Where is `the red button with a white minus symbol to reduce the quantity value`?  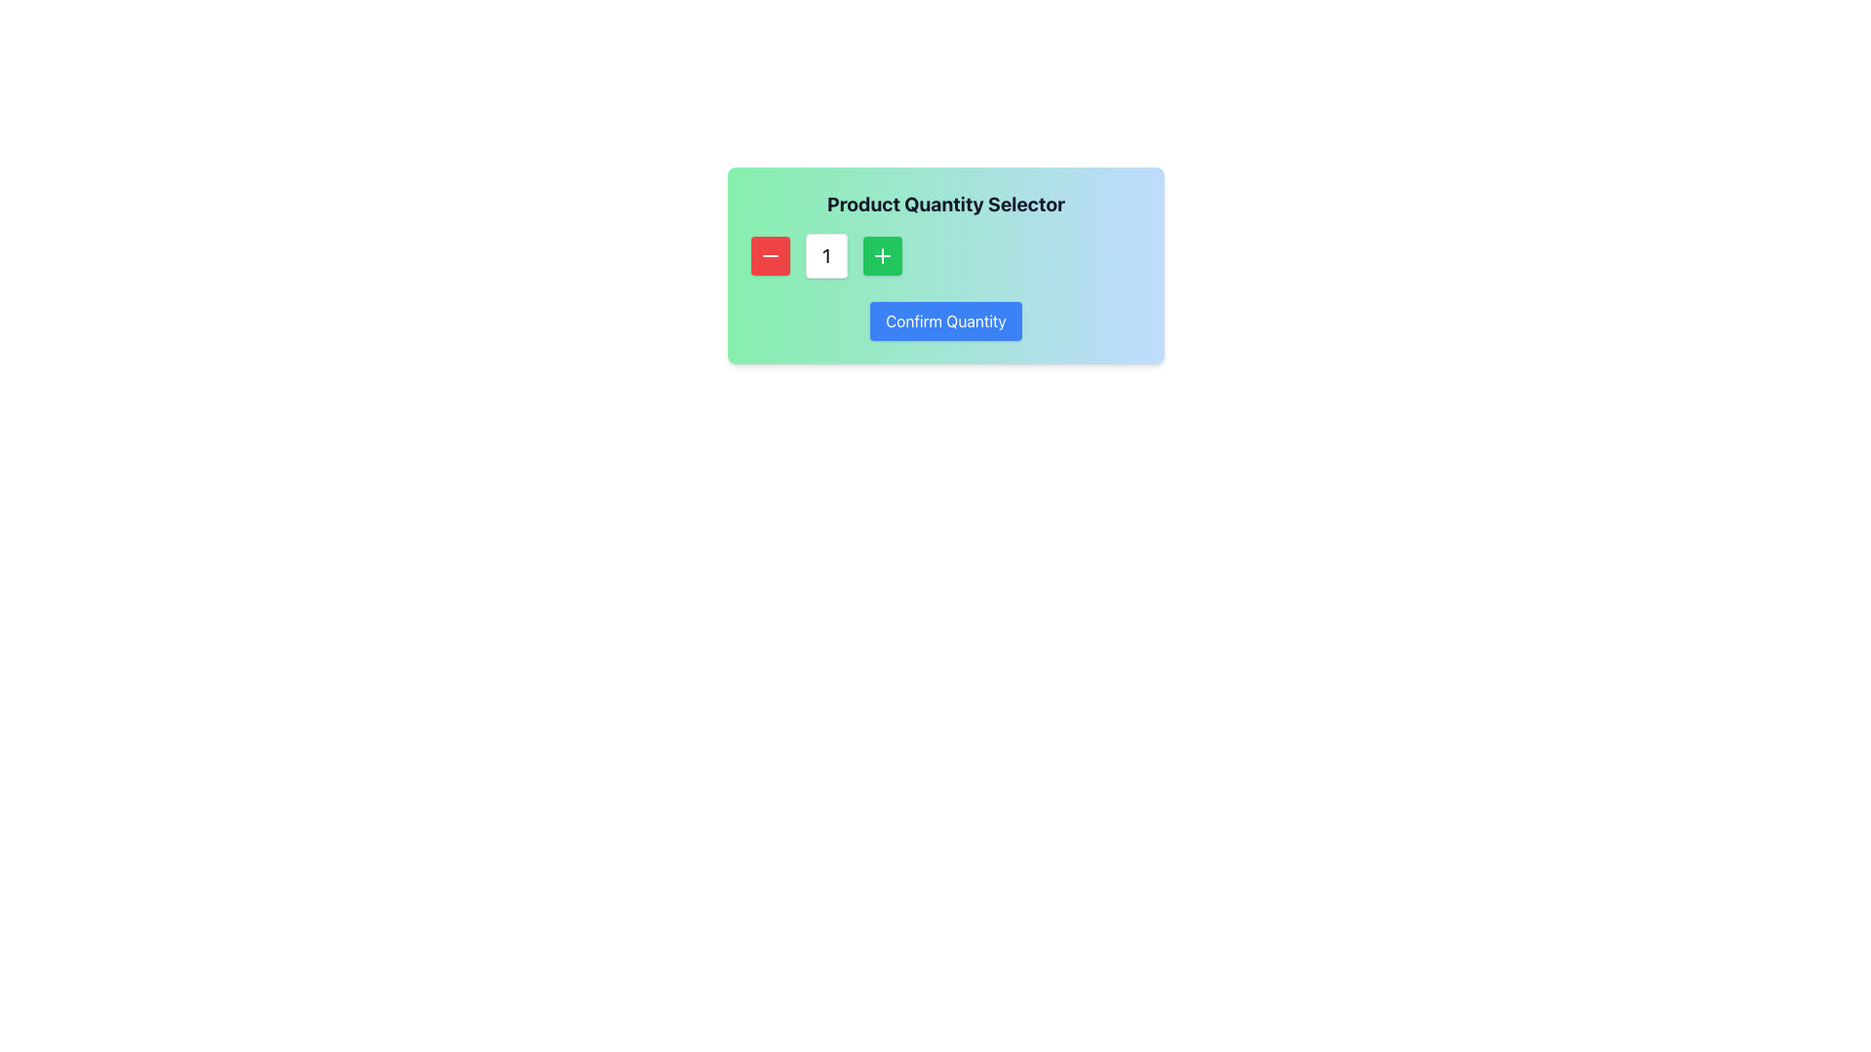 the red button with a white minus symbol to reduce the quantity value is located at coordinates (770, 254).